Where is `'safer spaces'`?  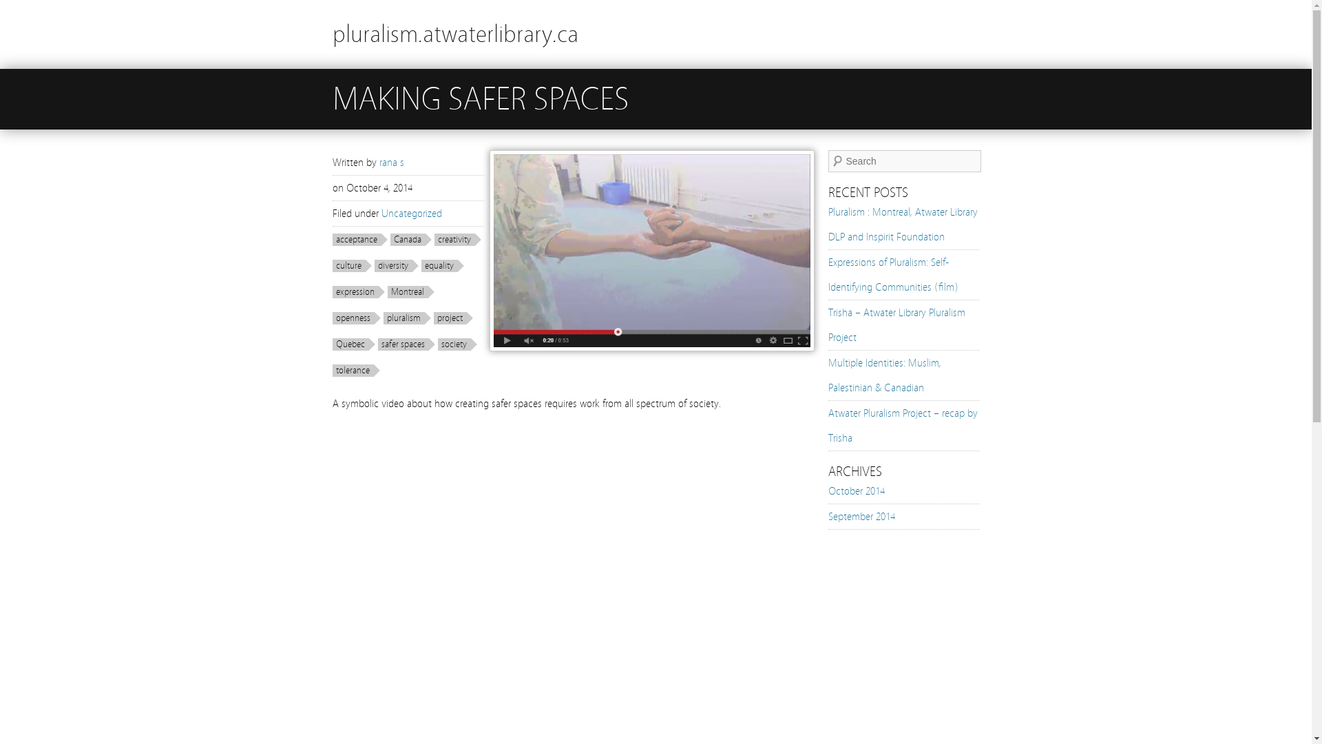
'safer spaces' is located at coordinates (405, 344).